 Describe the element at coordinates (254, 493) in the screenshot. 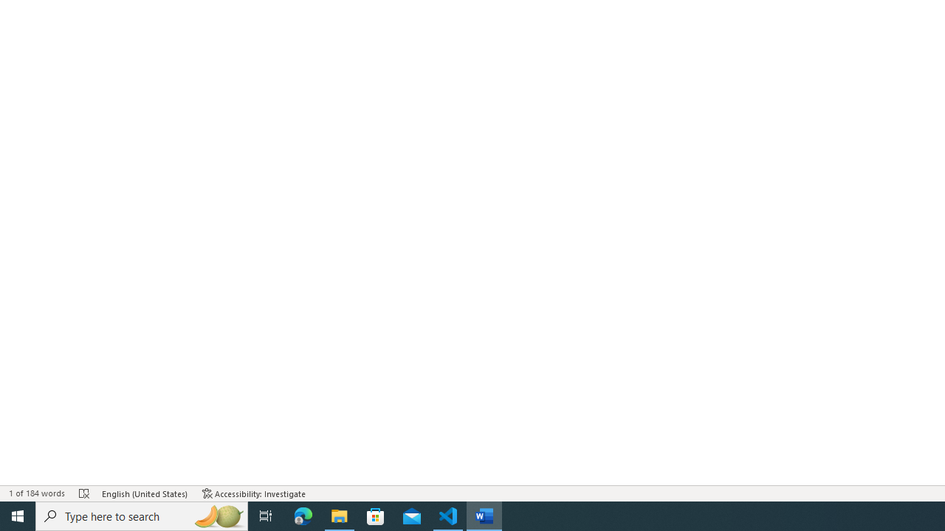

I see `'Accessibility Checker Accessibility: Investigate'` at that location.